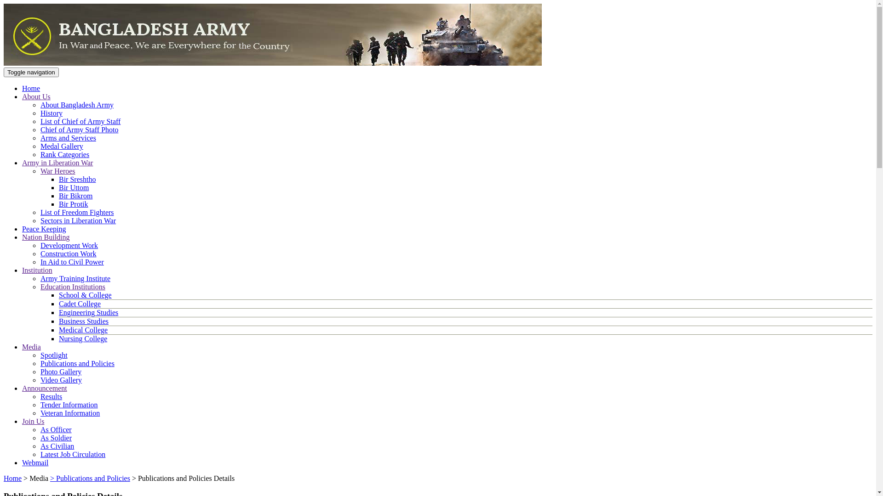 The image size is (883, 496). I want to click on 'Chief of Army Staff Photo', so click(79, 130).